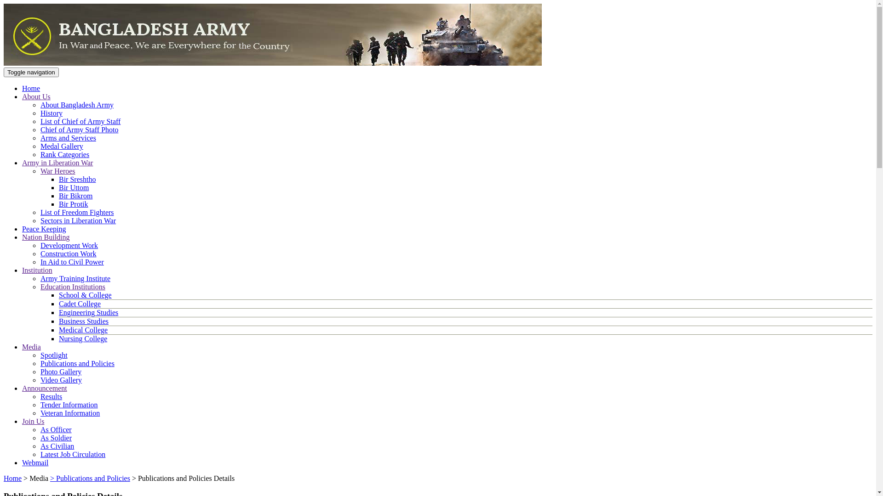 The image size is (883, 496). I want to click on 'Chief of Army Staff Photo', so click(79, 130).